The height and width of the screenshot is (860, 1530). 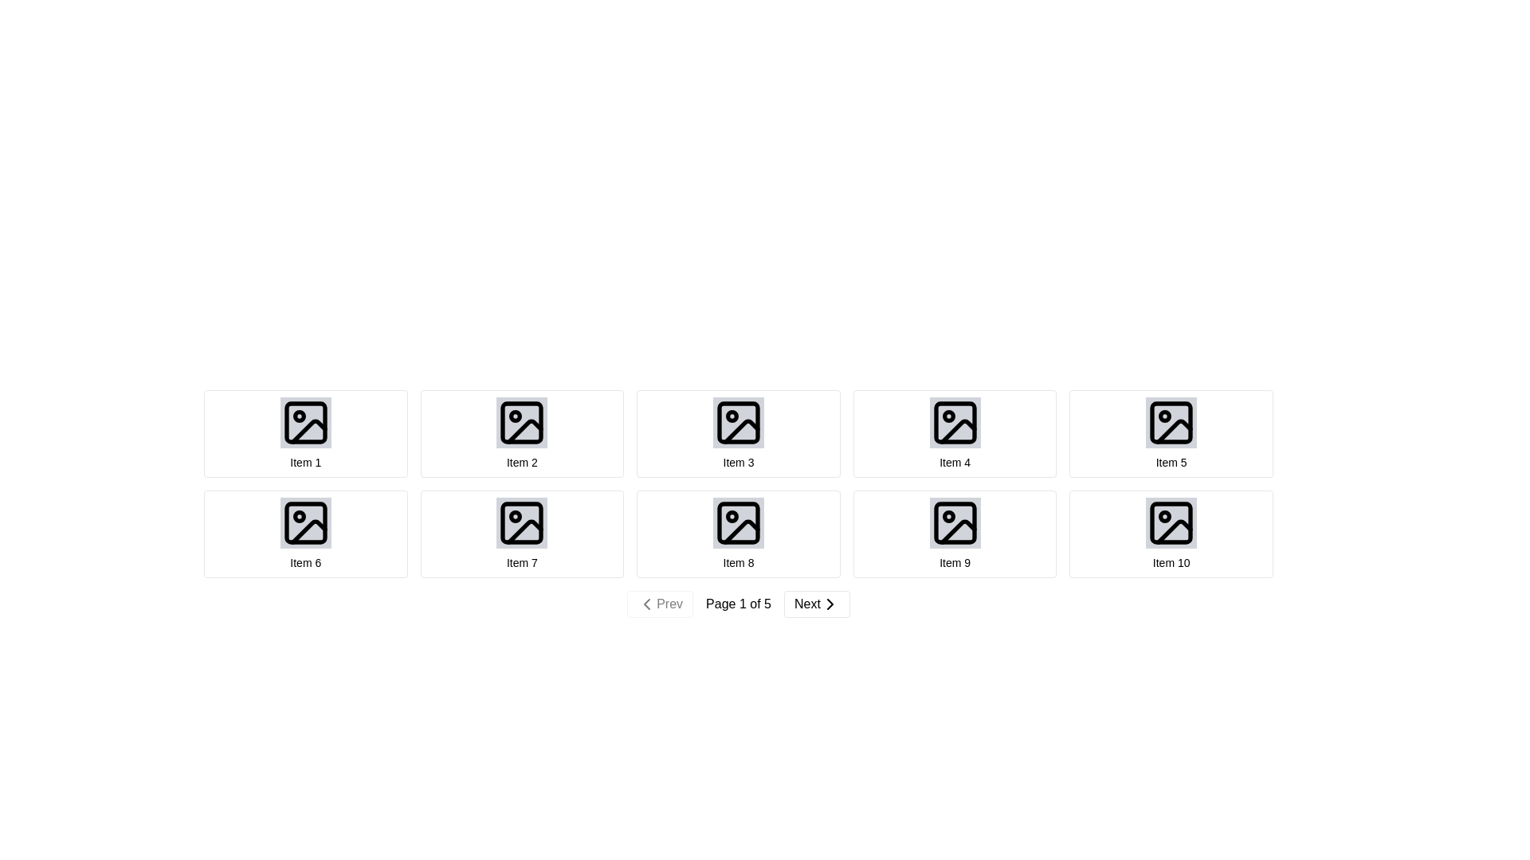 I want to click on the 'Item 4' display card located in the first row and fourth column of the grid, so click(x=955, y=433).